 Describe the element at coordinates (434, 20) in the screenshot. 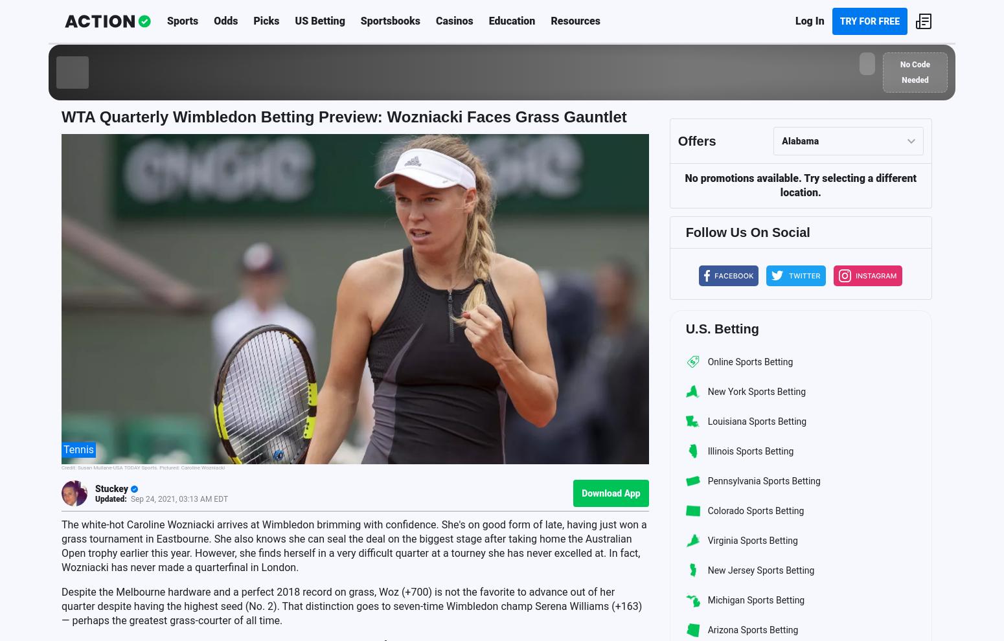

I see `'Casinos'` at that location.